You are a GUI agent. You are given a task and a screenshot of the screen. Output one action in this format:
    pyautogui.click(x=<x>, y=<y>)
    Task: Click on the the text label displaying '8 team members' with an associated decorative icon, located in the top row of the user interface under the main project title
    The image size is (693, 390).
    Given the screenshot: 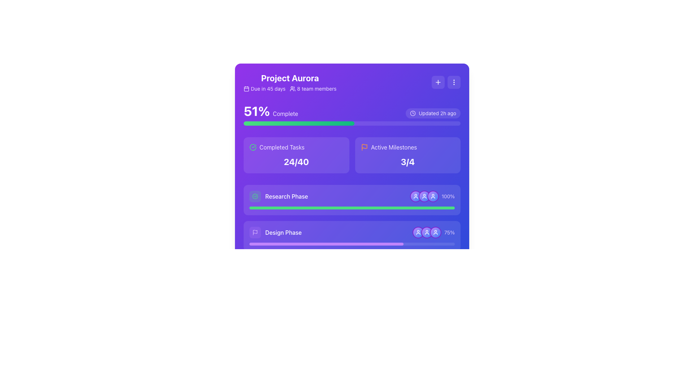 What is the action you would take?
    pyautogui.click(x=313, y=88)
    